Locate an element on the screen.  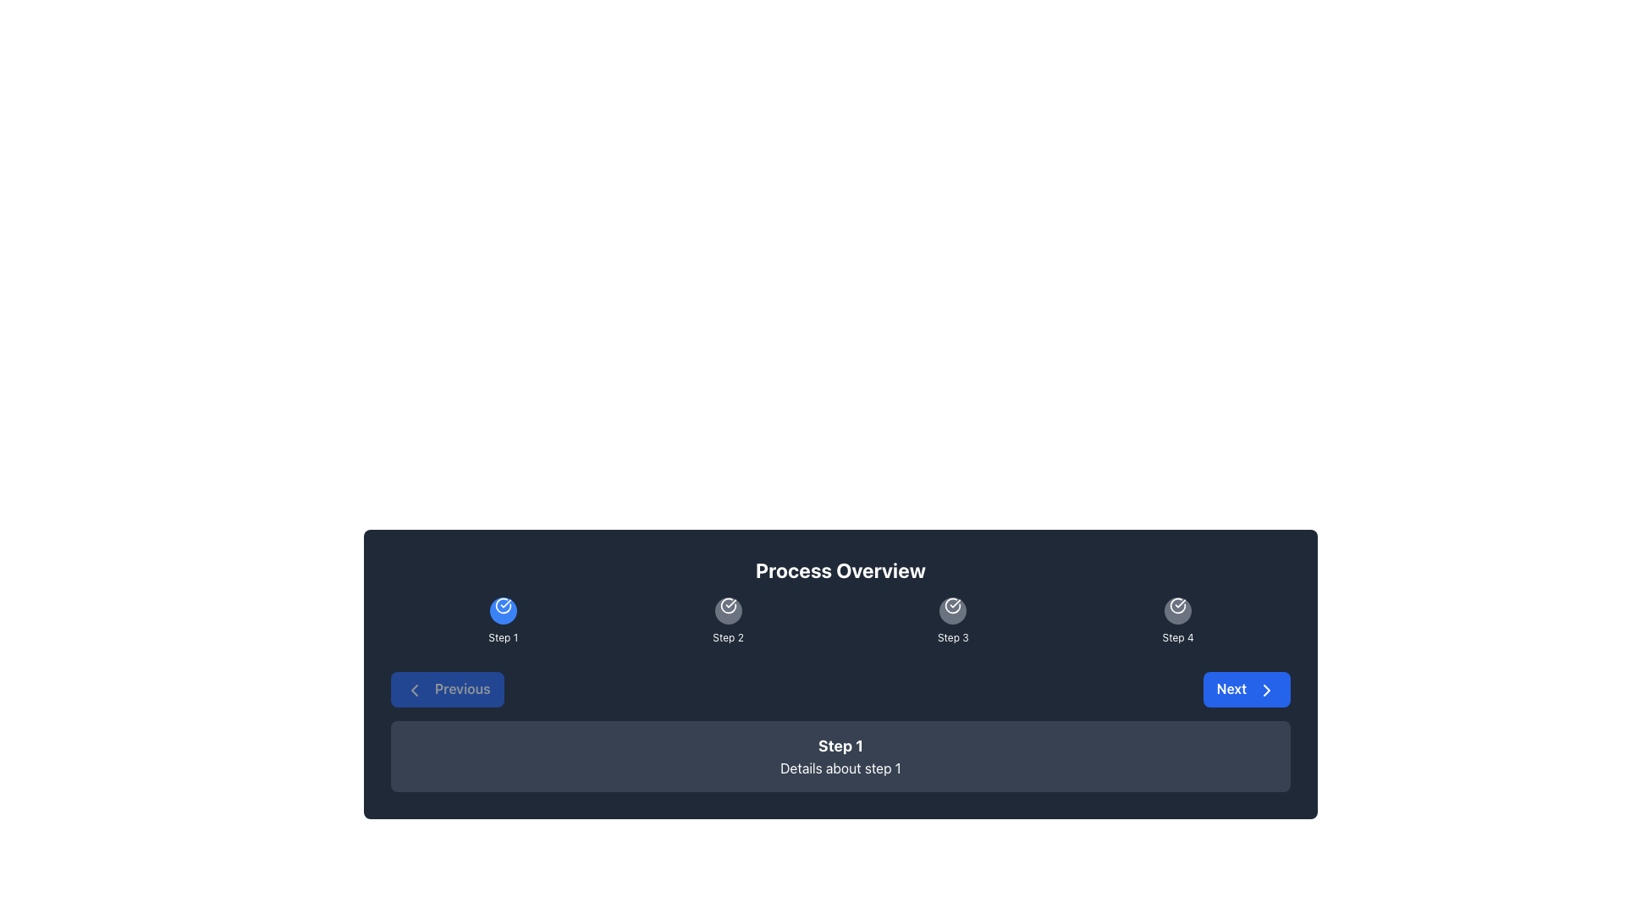
the 'Previous' button located on the bottom-left side of the navigation bar, which has a blue background and an arrow icon pointing left is located at coordinates (447, 689).